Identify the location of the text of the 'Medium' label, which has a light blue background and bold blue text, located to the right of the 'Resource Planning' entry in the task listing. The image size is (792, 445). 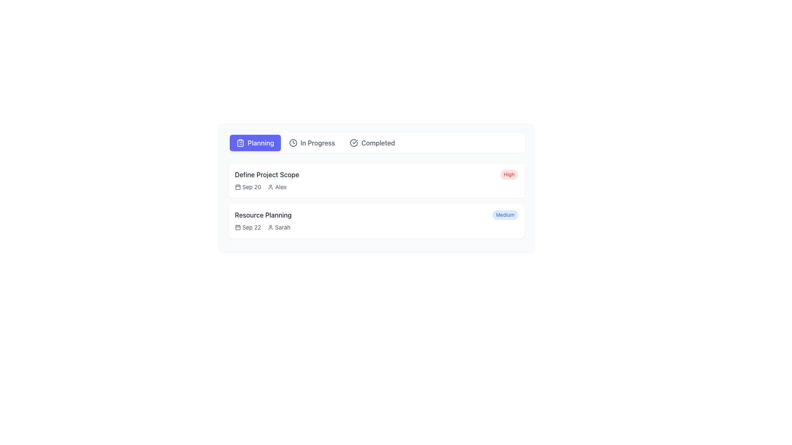
(504, 214).